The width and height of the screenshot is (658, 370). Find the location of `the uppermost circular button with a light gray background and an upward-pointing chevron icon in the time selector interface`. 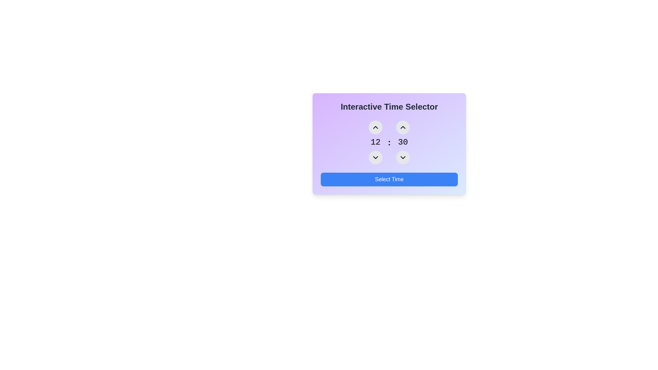

the uppermost circular button with a light gray background and an upward-pointing chevron icon in the time selector interface is located at coordinates (375, 127).